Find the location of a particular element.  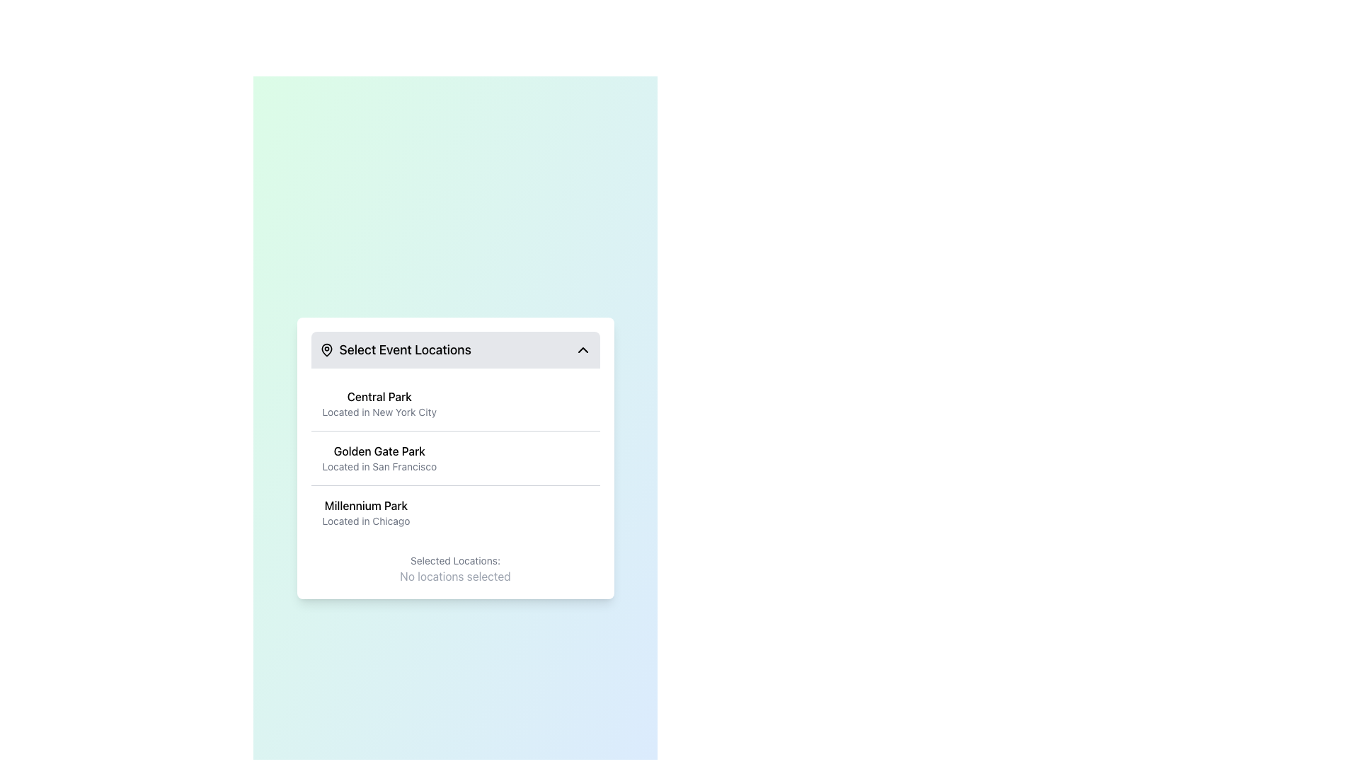

the Text Label that serves as the title or header of a list item in the selectable menu, located above the descriptive text 'Located in New York City' is located at coordinates (379, 396).